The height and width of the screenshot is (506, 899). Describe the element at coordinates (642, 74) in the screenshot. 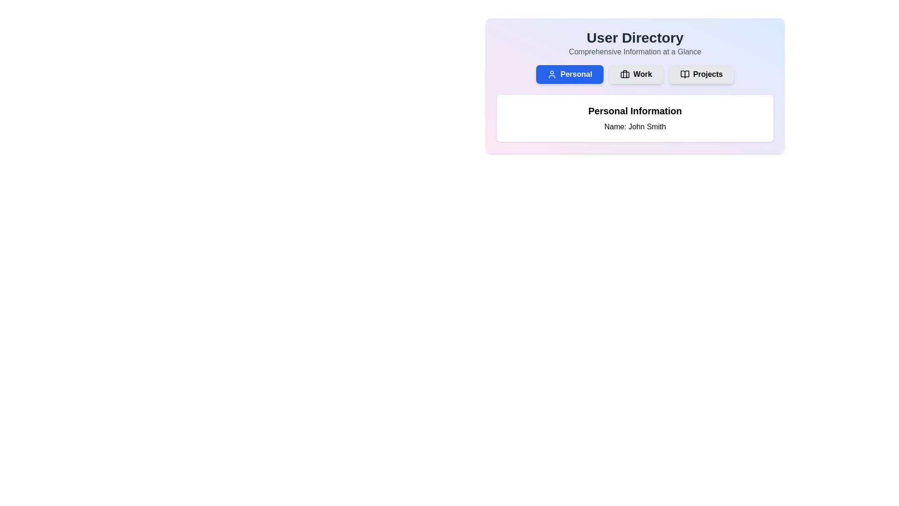

I see `the 'Work' text label within the button group to trigger any defined hover effects` at that location.